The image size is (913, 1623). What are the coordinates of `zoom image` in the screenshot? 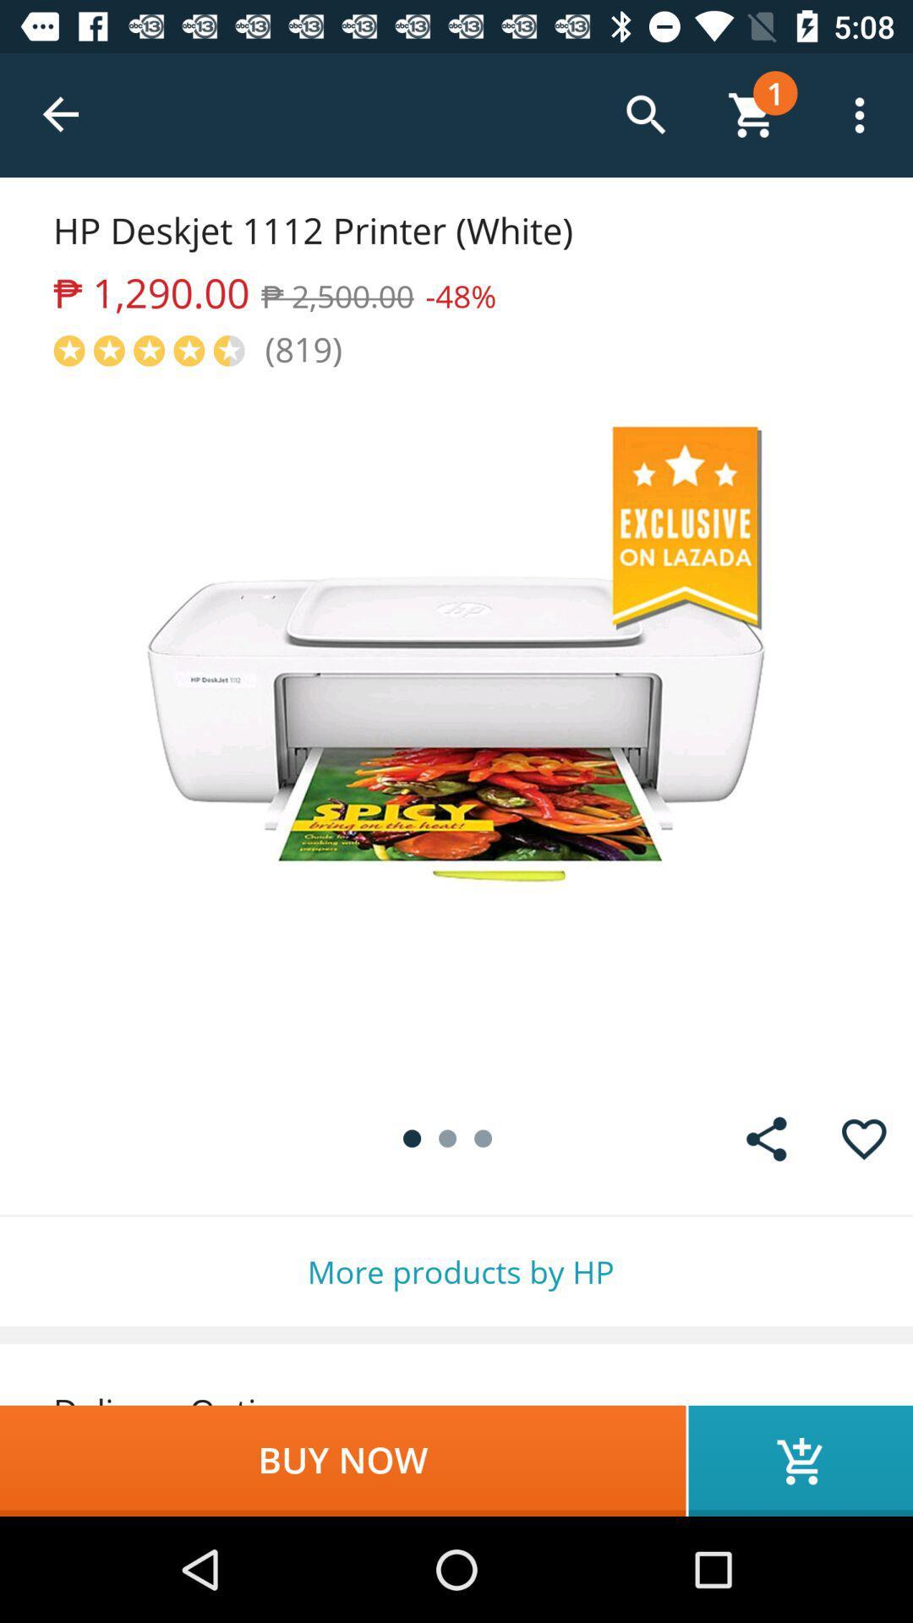 It's located at (456, 730).